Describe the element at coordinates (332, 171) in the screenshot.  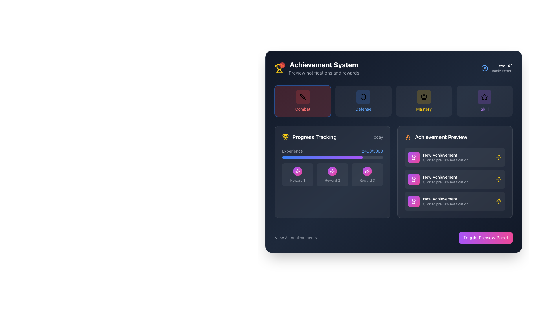
I see `the visual indicator icon associated with the reward system located in the second button of the 'Reward 2' row under the 'Progress Tracking' section` at that location.